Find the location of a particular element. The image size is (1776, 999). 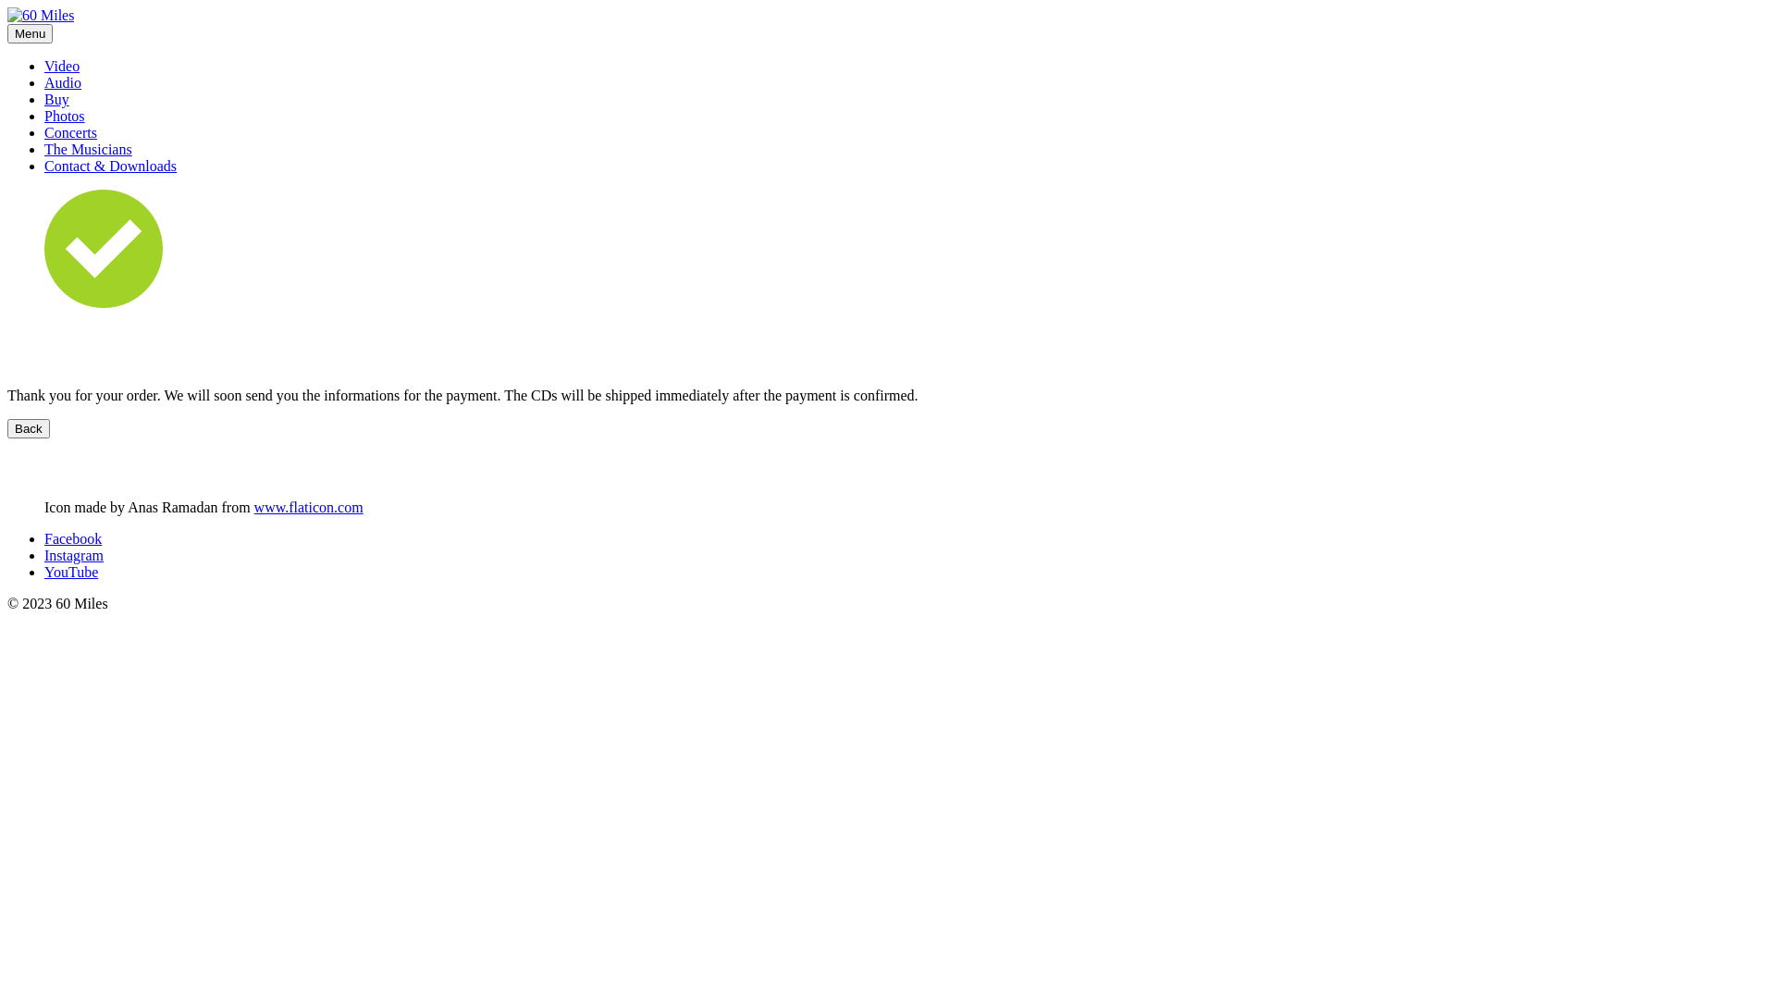

'Buy' is located at coordinates (56, 99).